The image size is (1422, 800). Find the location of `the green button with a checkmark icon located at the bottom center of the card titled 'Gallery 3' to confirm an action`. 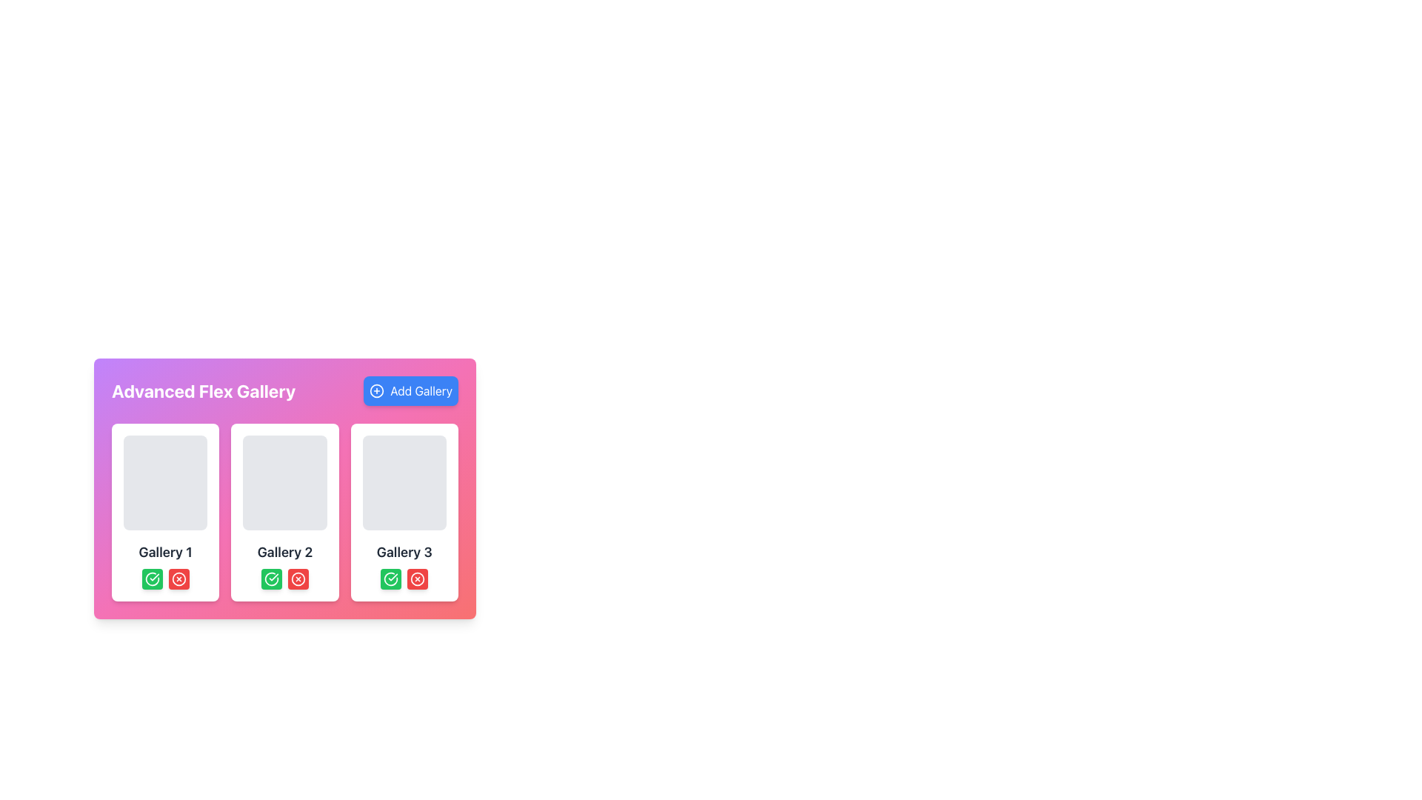

the green button with a checkmark icon located at the bottom center of the card titled 'Gallery 3' to confirm an action is located at coordinates (404, 579).